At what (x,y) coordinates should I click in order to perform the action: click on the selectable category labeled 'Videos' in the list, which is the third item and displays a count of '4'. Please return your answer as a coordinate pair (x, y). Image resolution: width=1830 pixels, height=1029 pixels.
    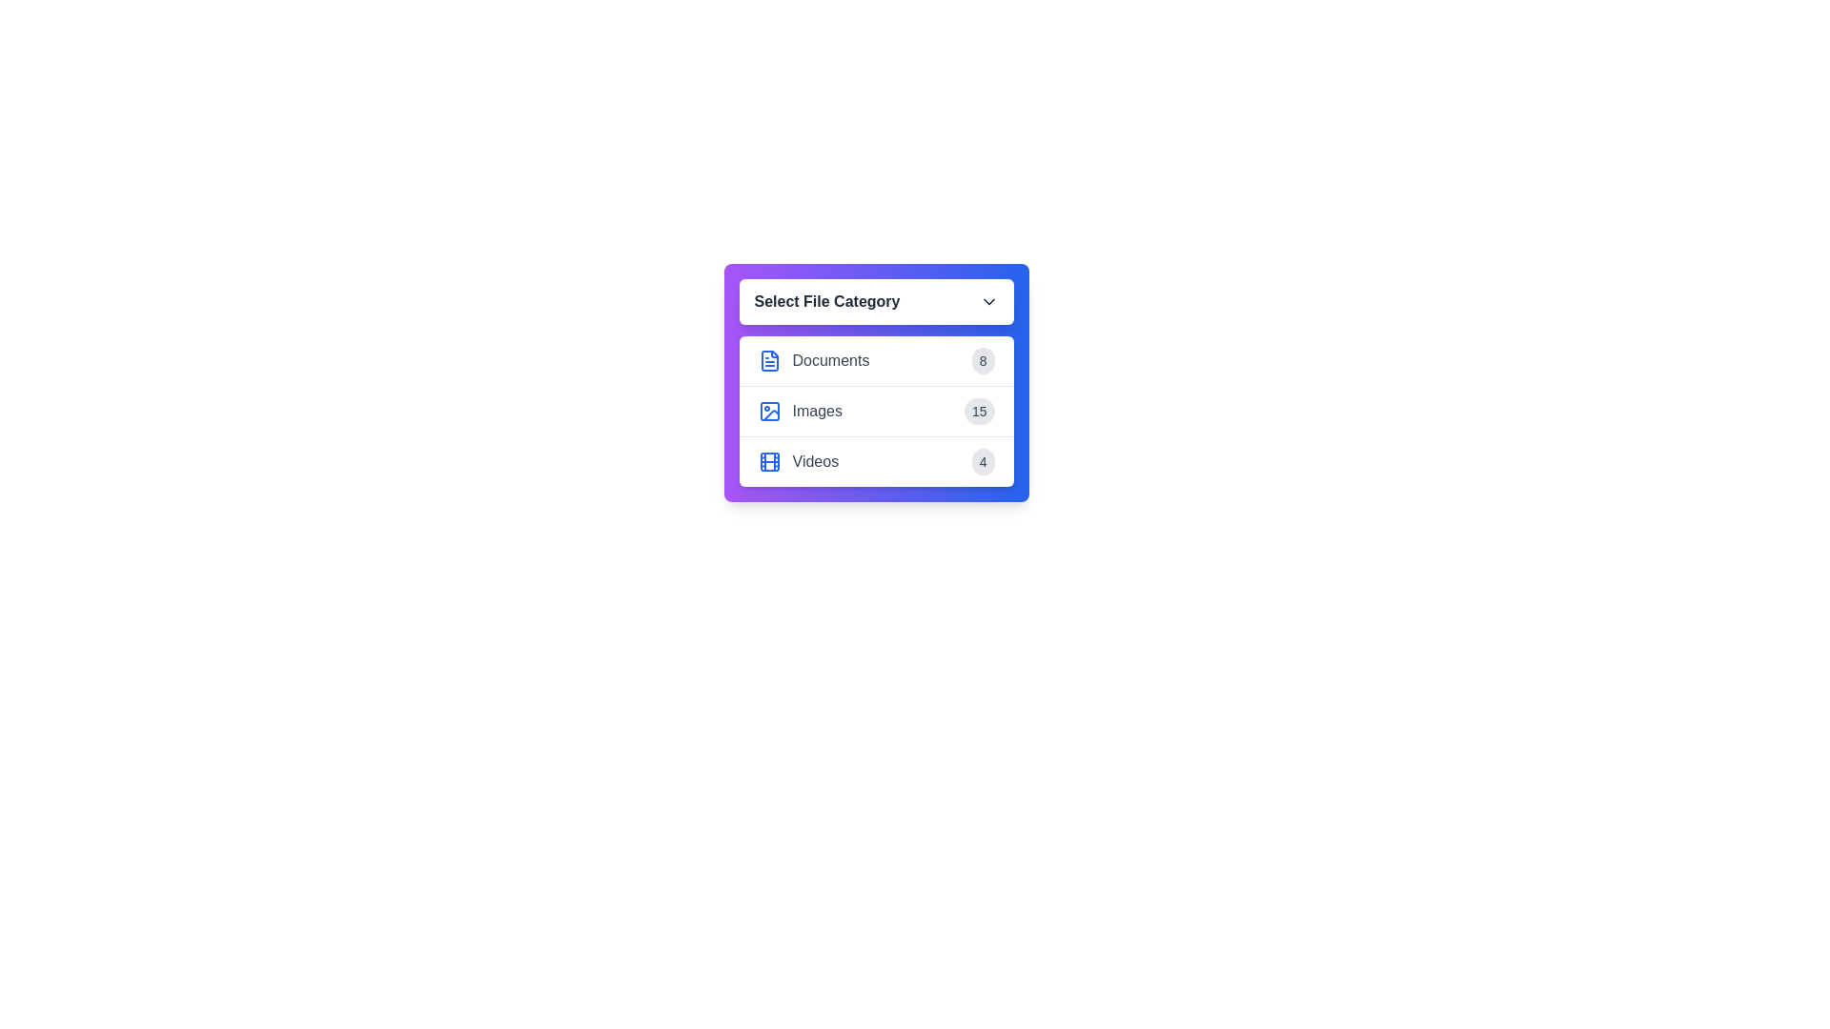
    Looking at the image, I should click on (875, 461).